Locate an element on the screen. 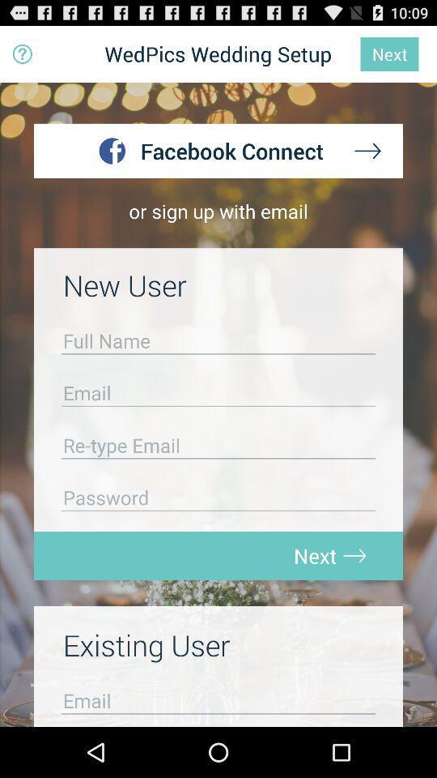 The width and height of the screenshot is (437, 778). icon to the left of wedpics wedding setup item is located at coordinates (21, 53).